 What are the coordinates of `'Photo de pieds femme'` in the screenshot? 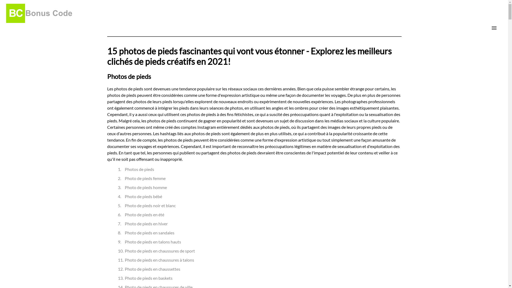 It's located at (145, 178).